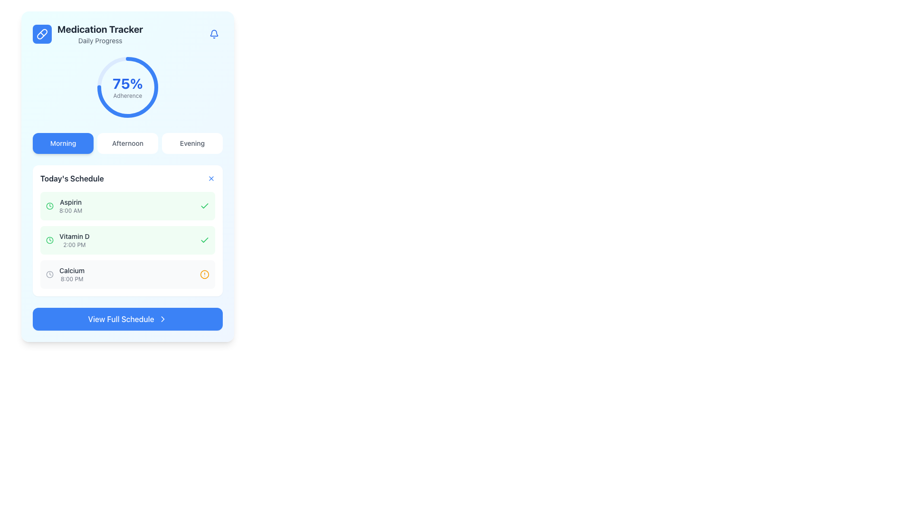 This screenshot has width=912, height=513. I want to click on the static text heading that reads 'Today's Schedule', which is styled in bold dark gray and prominently displayed at the top of a card-like section, so click(71, 178).